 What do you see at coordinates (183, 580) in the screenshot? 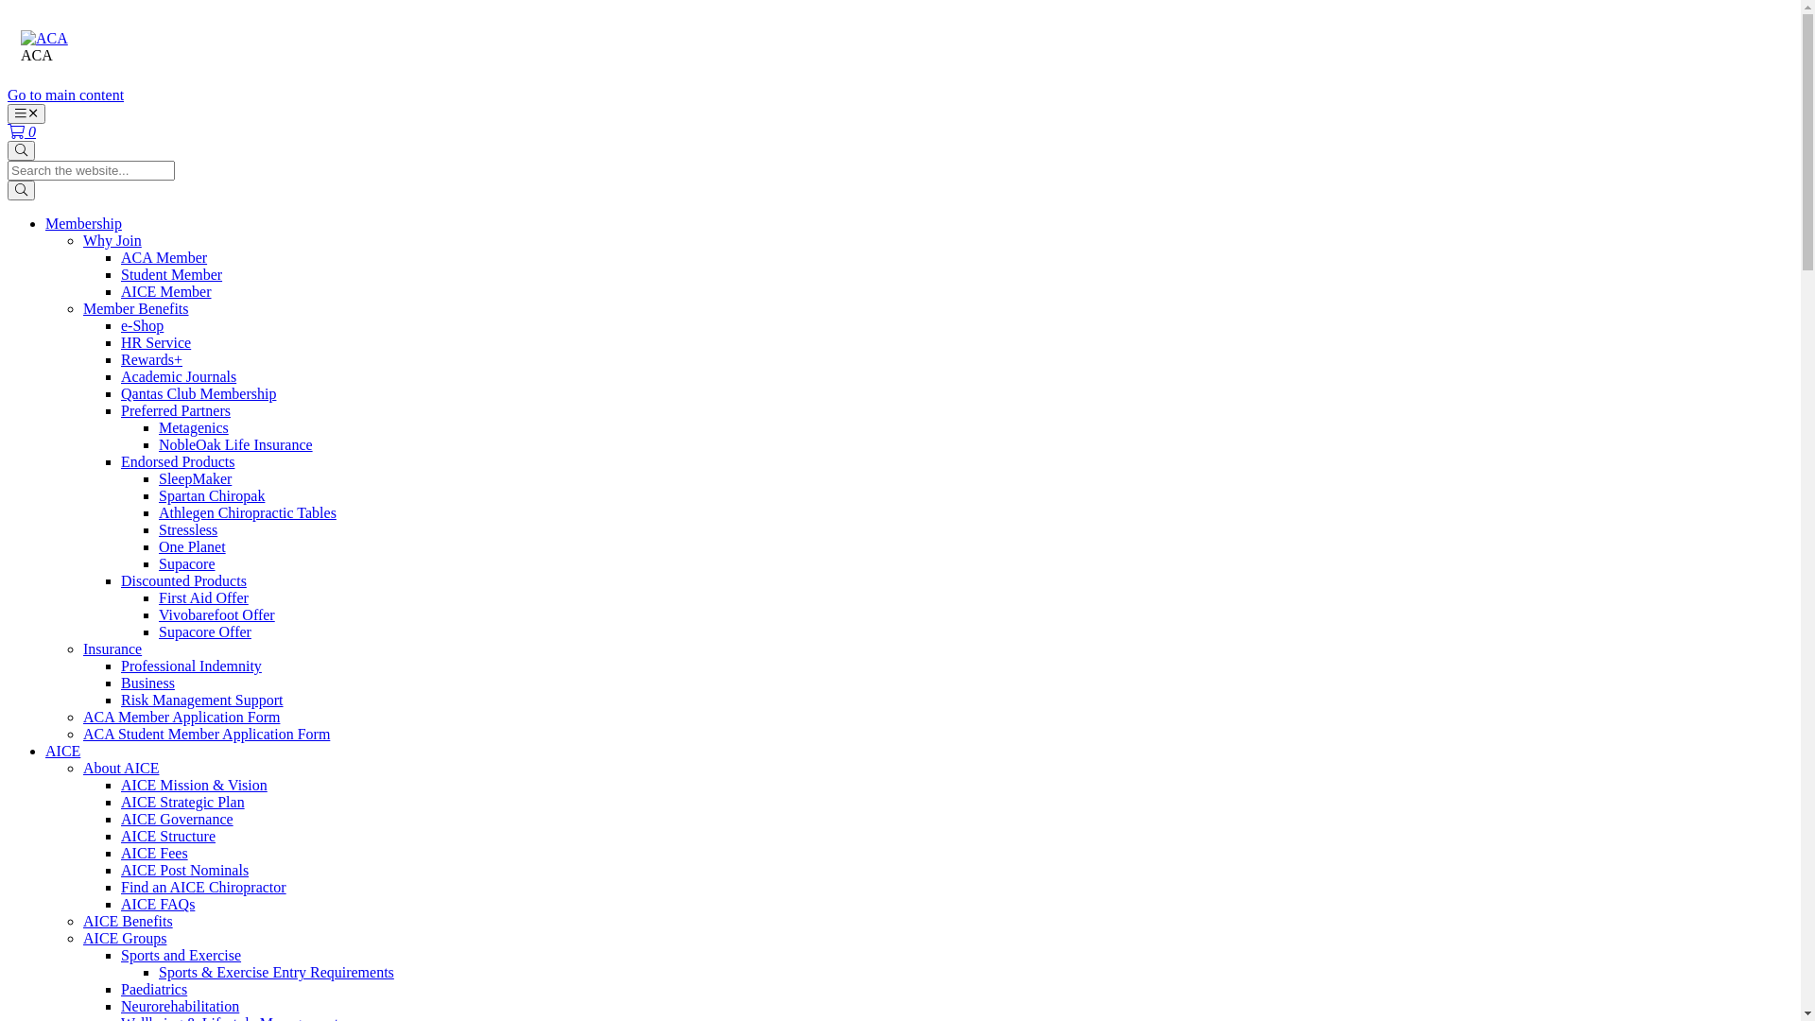
I see `'Discounted Products'` at bounding box center [183, 580].